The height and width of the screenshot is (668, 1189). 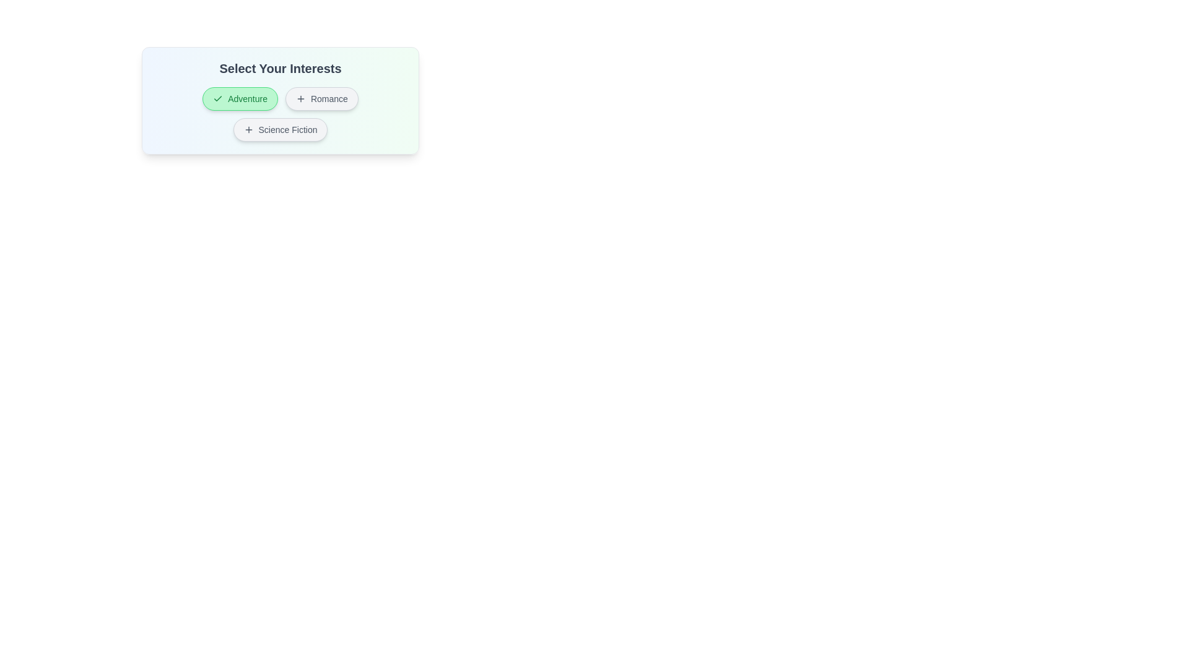 What do you see at coordinates (321, 98) in the screenshot?
I see `the chip labeled Romance` at bounding box center [321, 98].